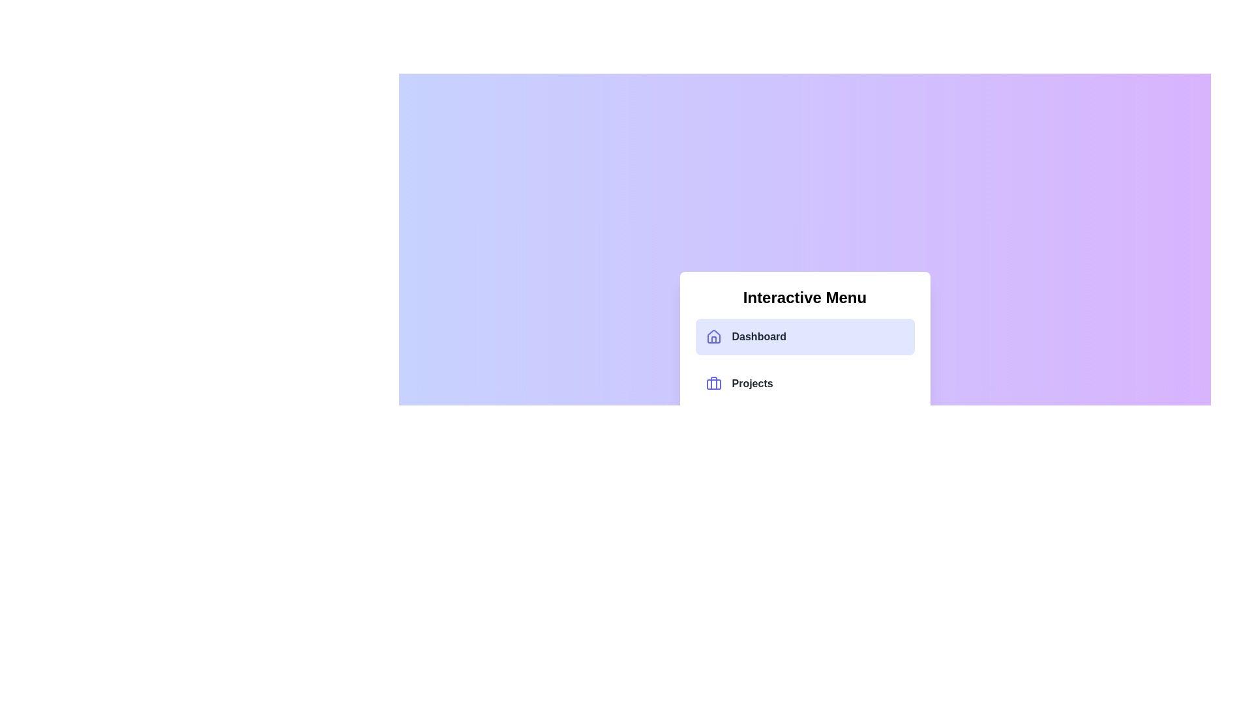  What do you see at coordinates (804, 383) in the screenshot?
I see `the menu item labeled Projects` at bounding box center [804, 383].